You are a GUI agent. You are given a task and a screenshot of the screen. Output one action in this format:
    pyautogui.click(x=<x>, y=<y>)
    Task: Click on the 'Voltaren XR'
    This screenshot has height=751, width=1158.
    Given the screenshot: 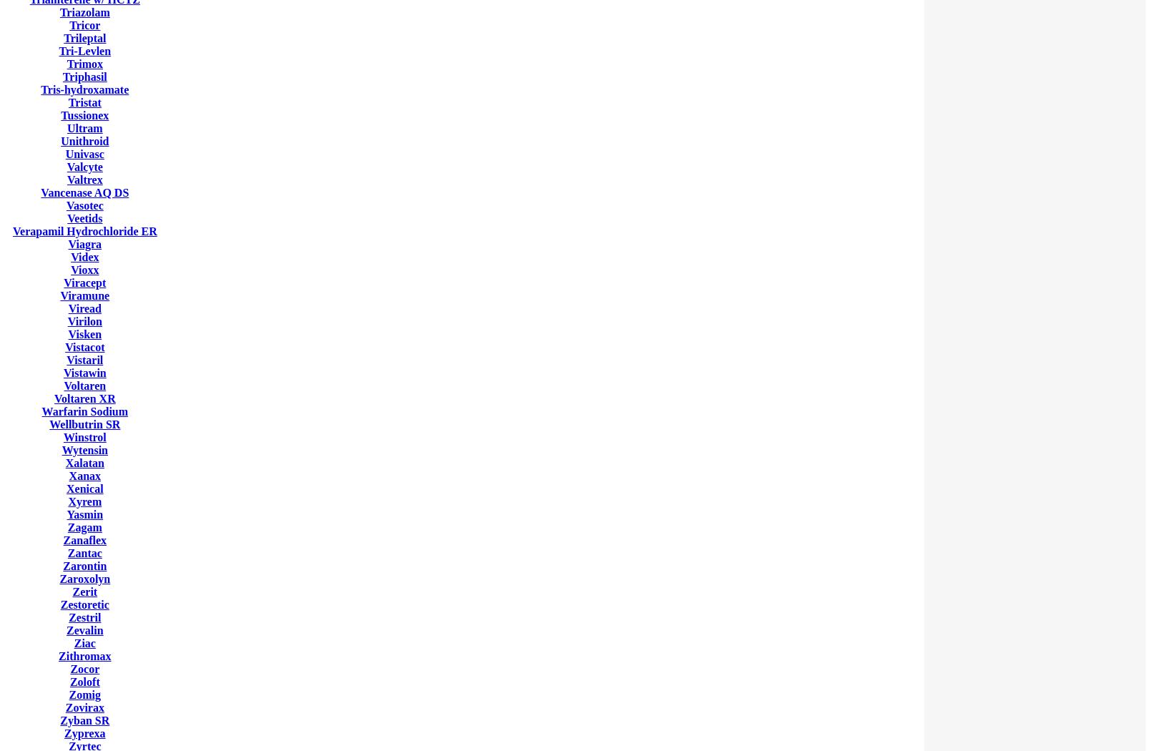 What is the action you would take?
    pyautogui.click(x=84, y=398)
    